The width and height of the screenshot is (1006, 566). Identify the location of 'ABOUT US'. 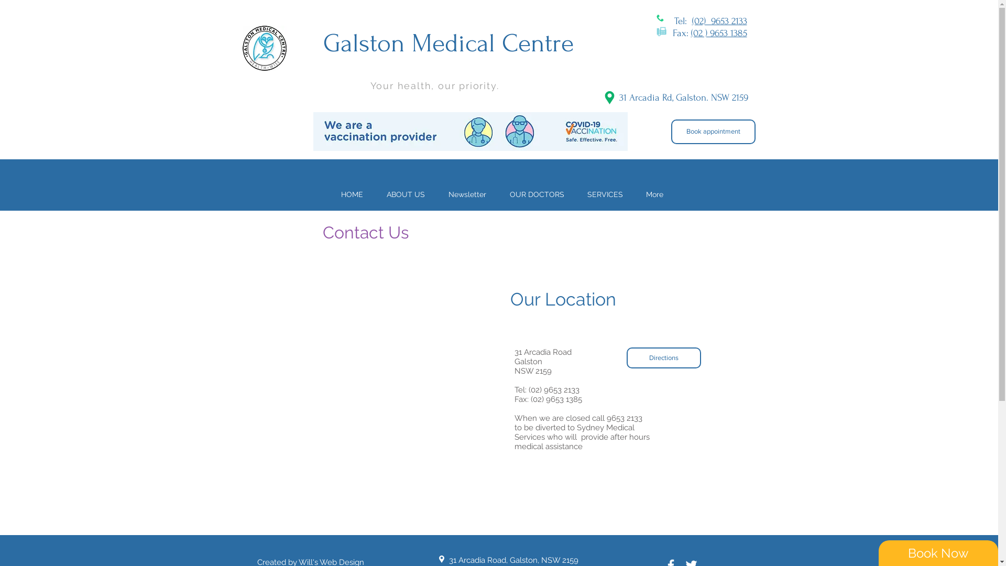
(405, 194).